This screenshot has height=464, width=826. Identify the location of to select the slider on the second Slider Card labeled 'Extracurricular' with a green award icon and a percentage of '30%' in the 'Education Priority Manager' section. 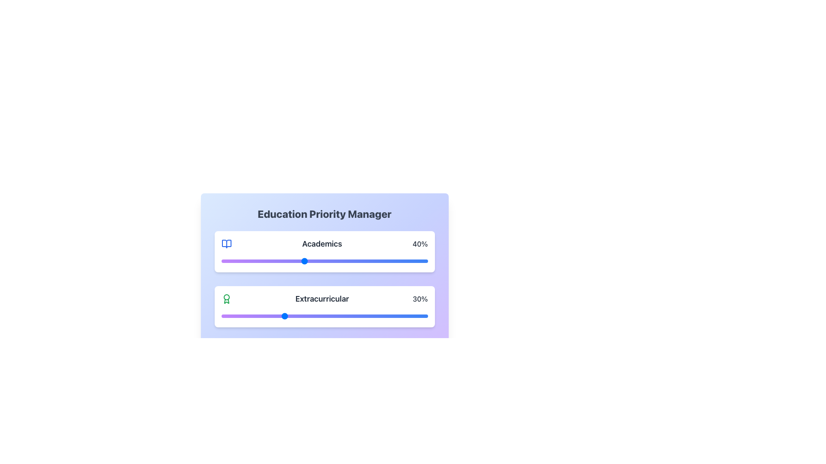
(324, 306).